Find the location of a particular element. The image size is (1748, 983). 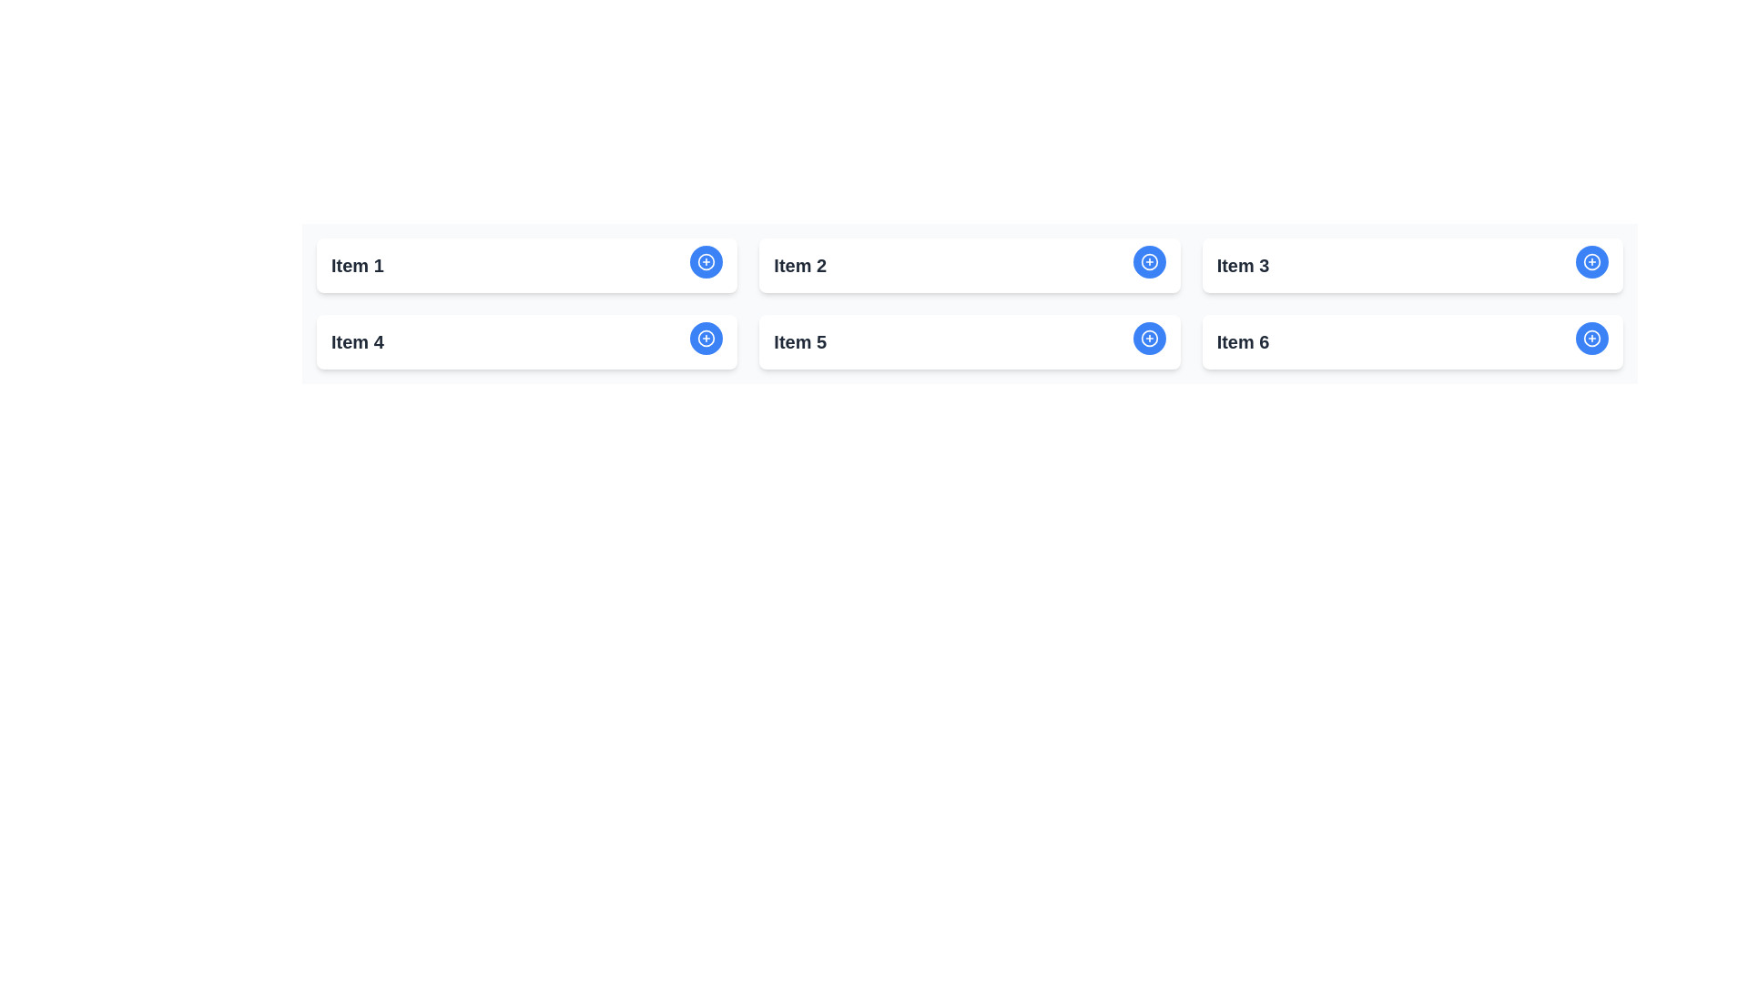

the circular blue button with a white '+' icon located at the bottom-right corner of the 'Item 1' card is located at coordinates (706, 262).